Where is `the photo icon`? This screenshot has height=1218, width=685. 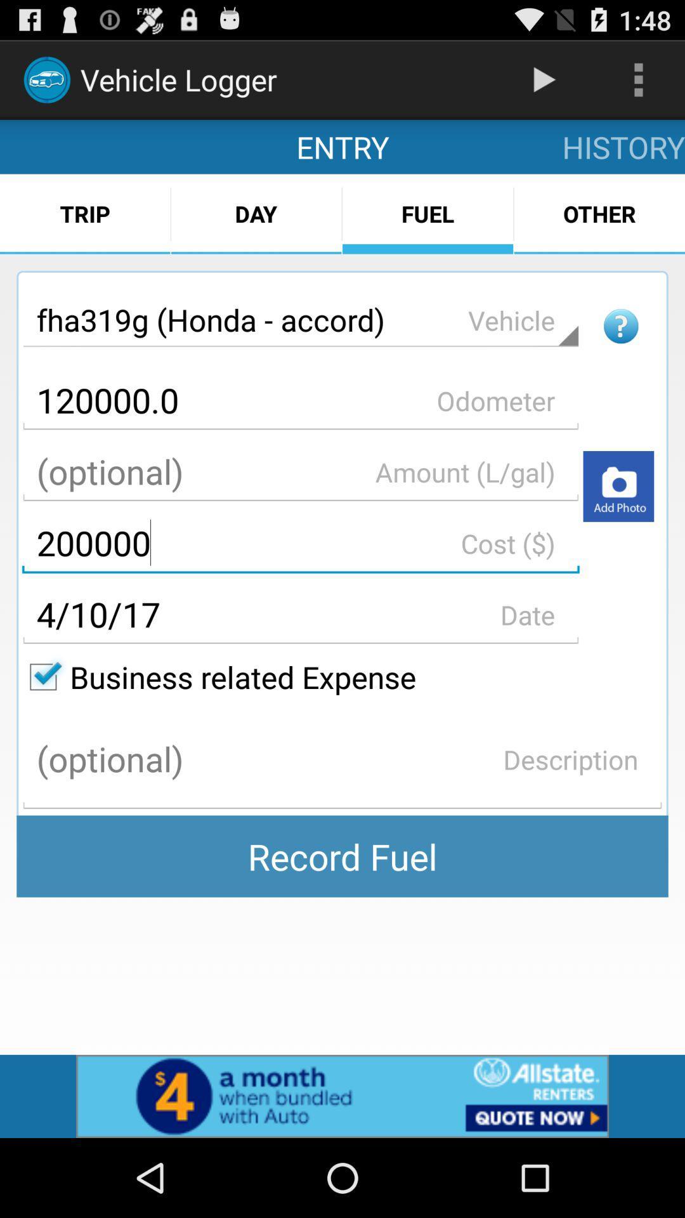
the photo icon is located at coordinates (618, 520).